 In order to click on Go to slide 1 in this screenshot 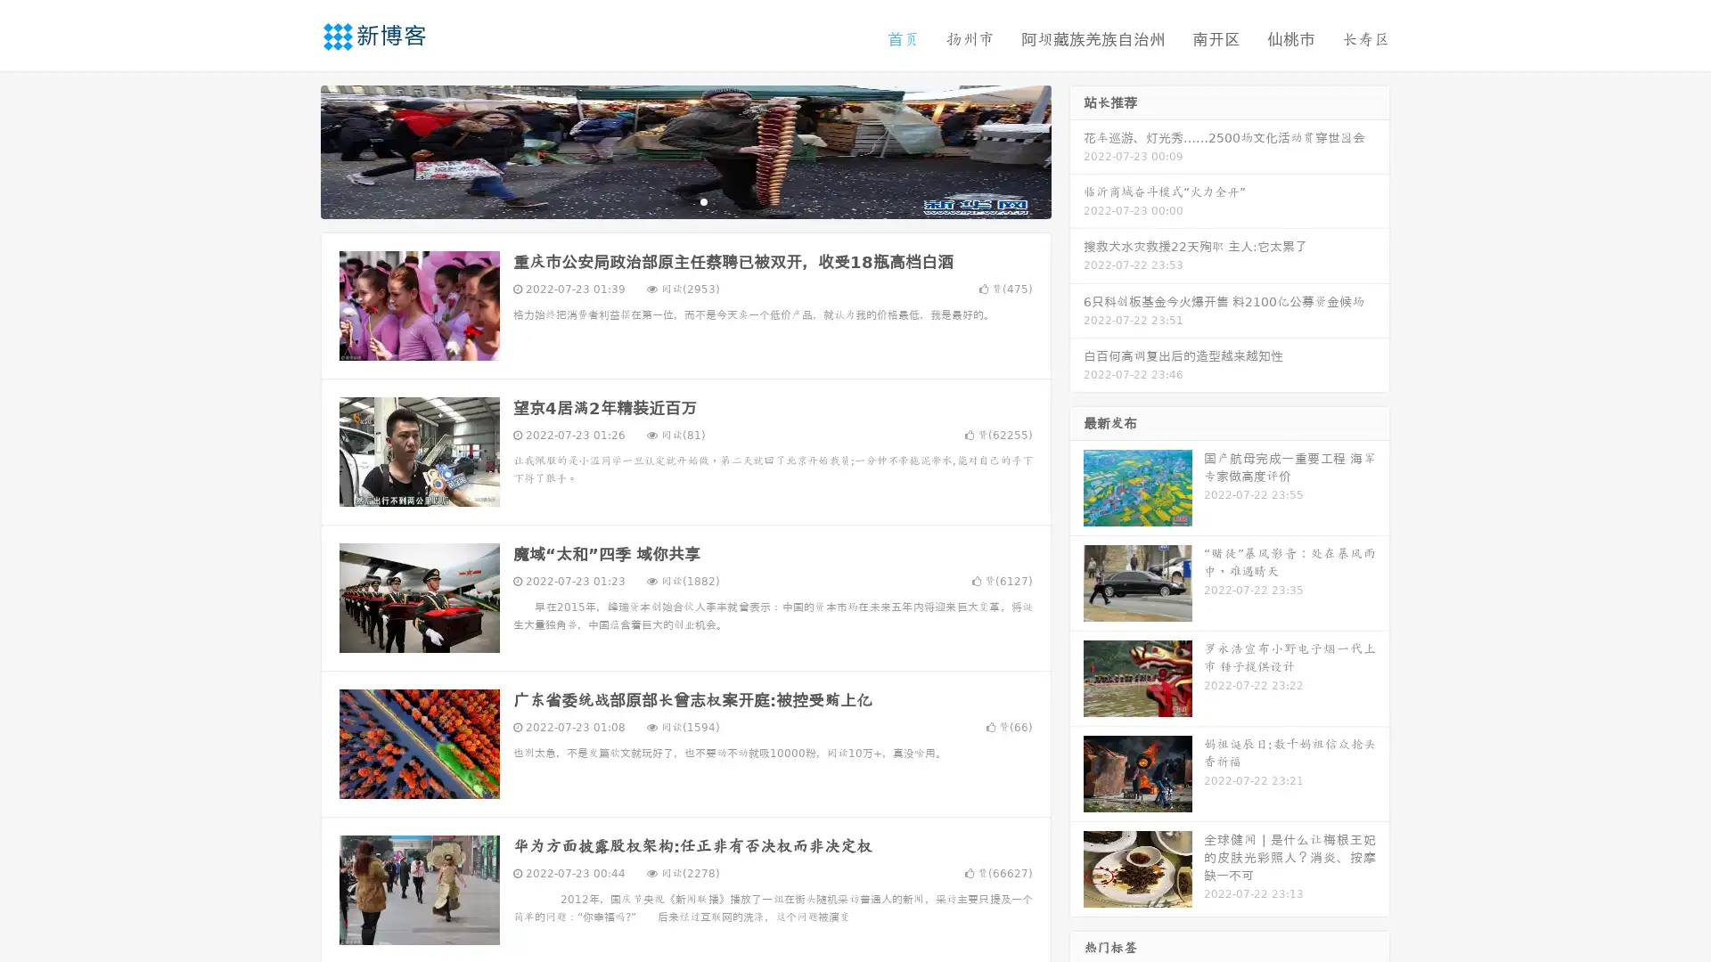, I will do `click(667, 200)`.